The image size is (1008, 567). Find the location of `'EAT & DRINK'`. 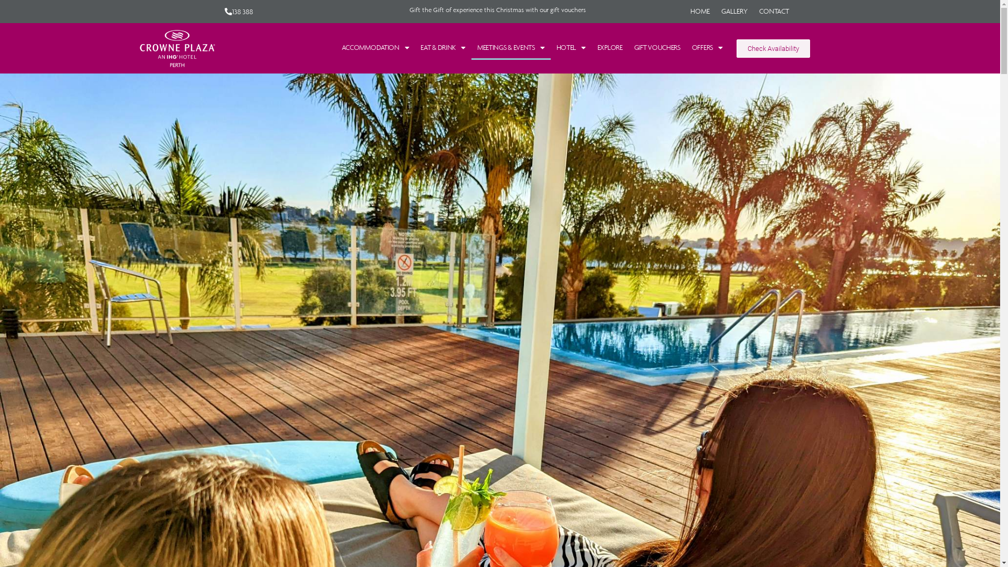

'EAT & DRINK' is located at coordinates (443, 48).